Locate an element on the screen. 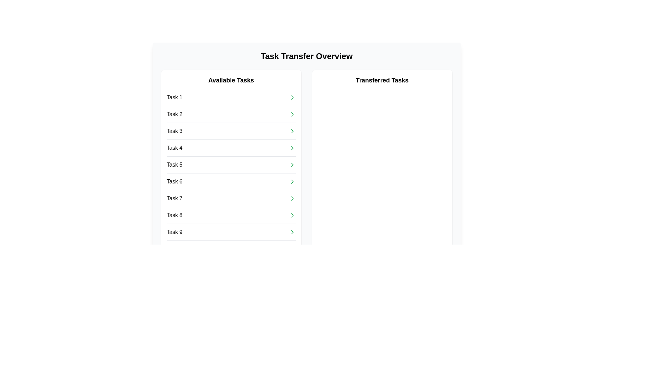  the right-facing chevron icon next to 'Task 2' in the 'Available Tasks' list is located at coordinates (292, 114).